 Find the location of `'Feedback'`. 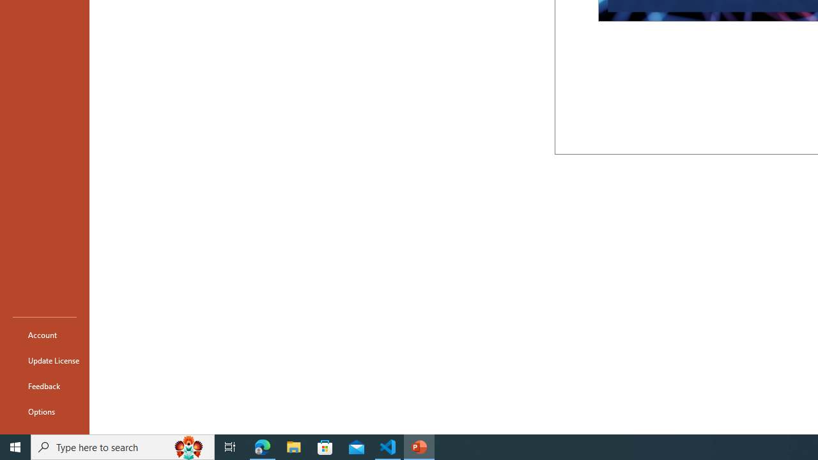

'Feedback' is located at coordinates (44, 385).